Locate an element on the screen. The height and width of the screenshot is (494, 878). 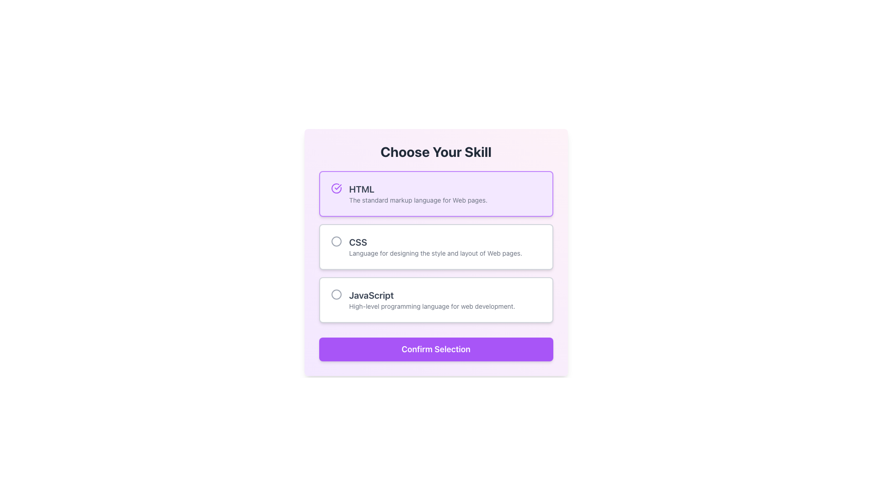
informational text block that displays the heading 'HTML' in bold and the subtitle 'The standard markup language for Web pages.' located at the top of the vertical list of options is located at coordinates (418, 193).